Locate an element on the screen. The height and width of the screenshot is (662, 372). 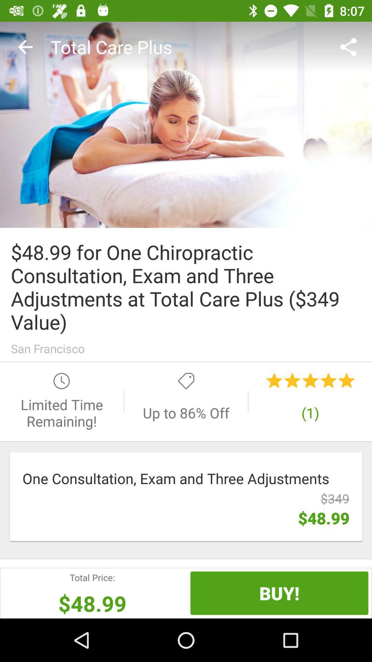
the icon to the right of the total care plus icon is located at coordinates (350, 47).